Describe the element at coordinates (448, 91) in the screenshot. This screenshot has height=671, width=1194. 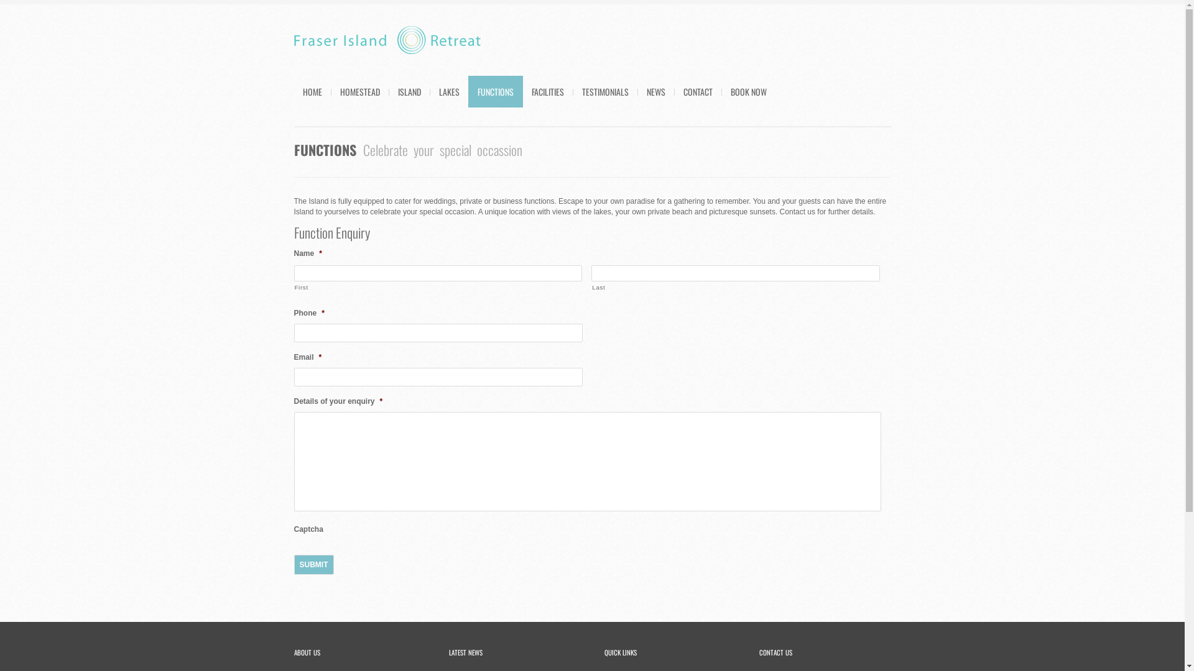
I see `'LAKES'` at that location.